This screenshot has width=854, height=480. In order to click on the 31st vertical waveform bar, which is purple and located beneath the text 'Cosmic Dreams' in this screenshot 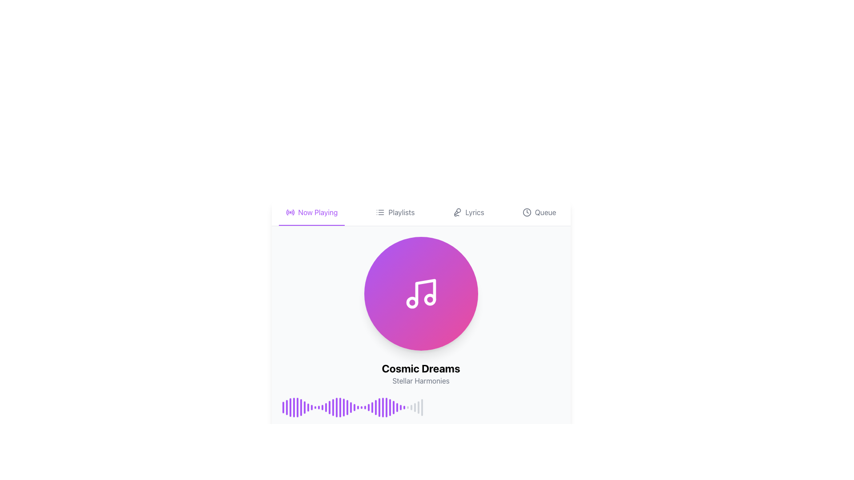, I will do `click(393, 408)`.